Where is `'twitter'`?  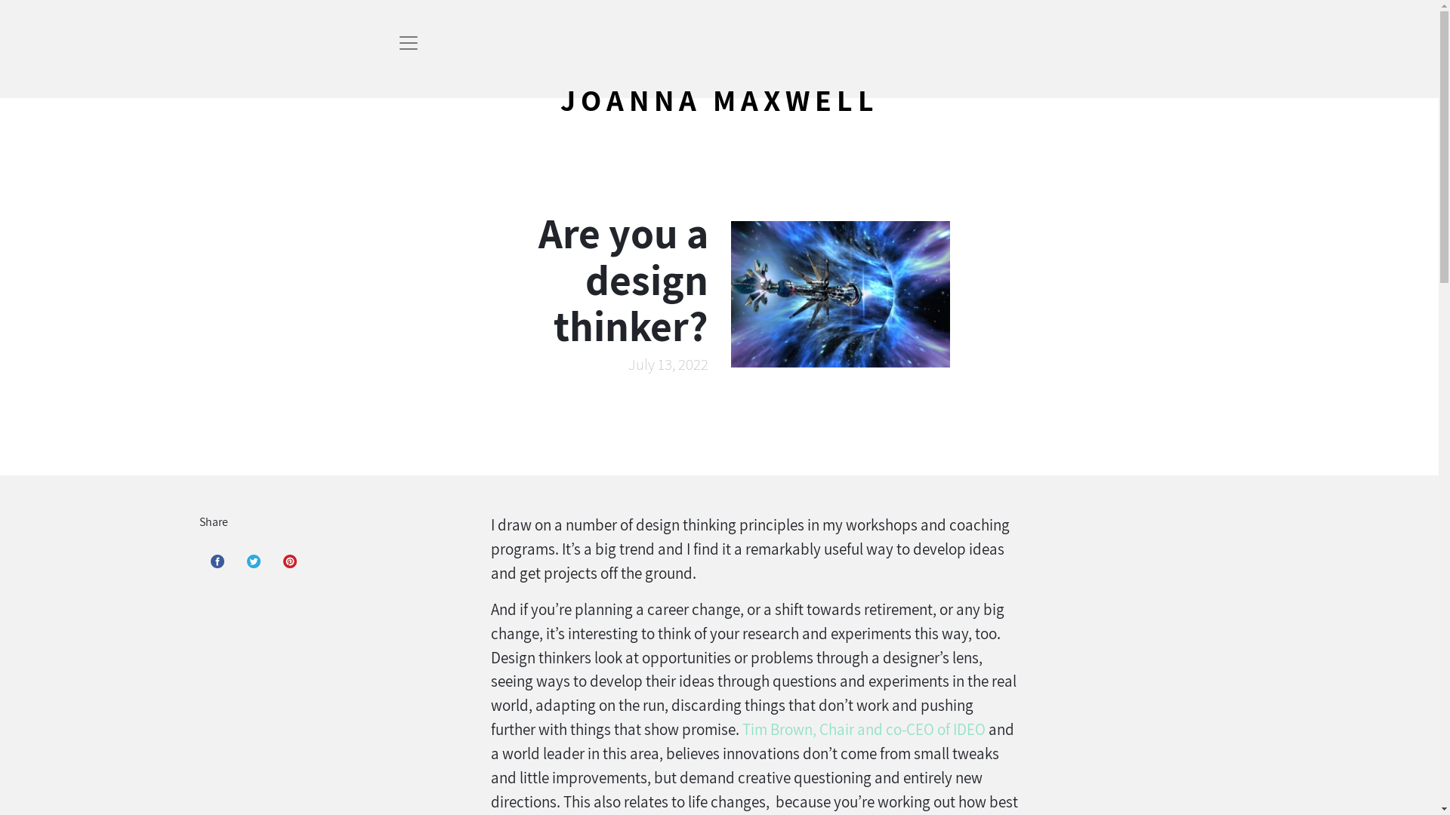 'twitter' is located at coordinates (254, 561).